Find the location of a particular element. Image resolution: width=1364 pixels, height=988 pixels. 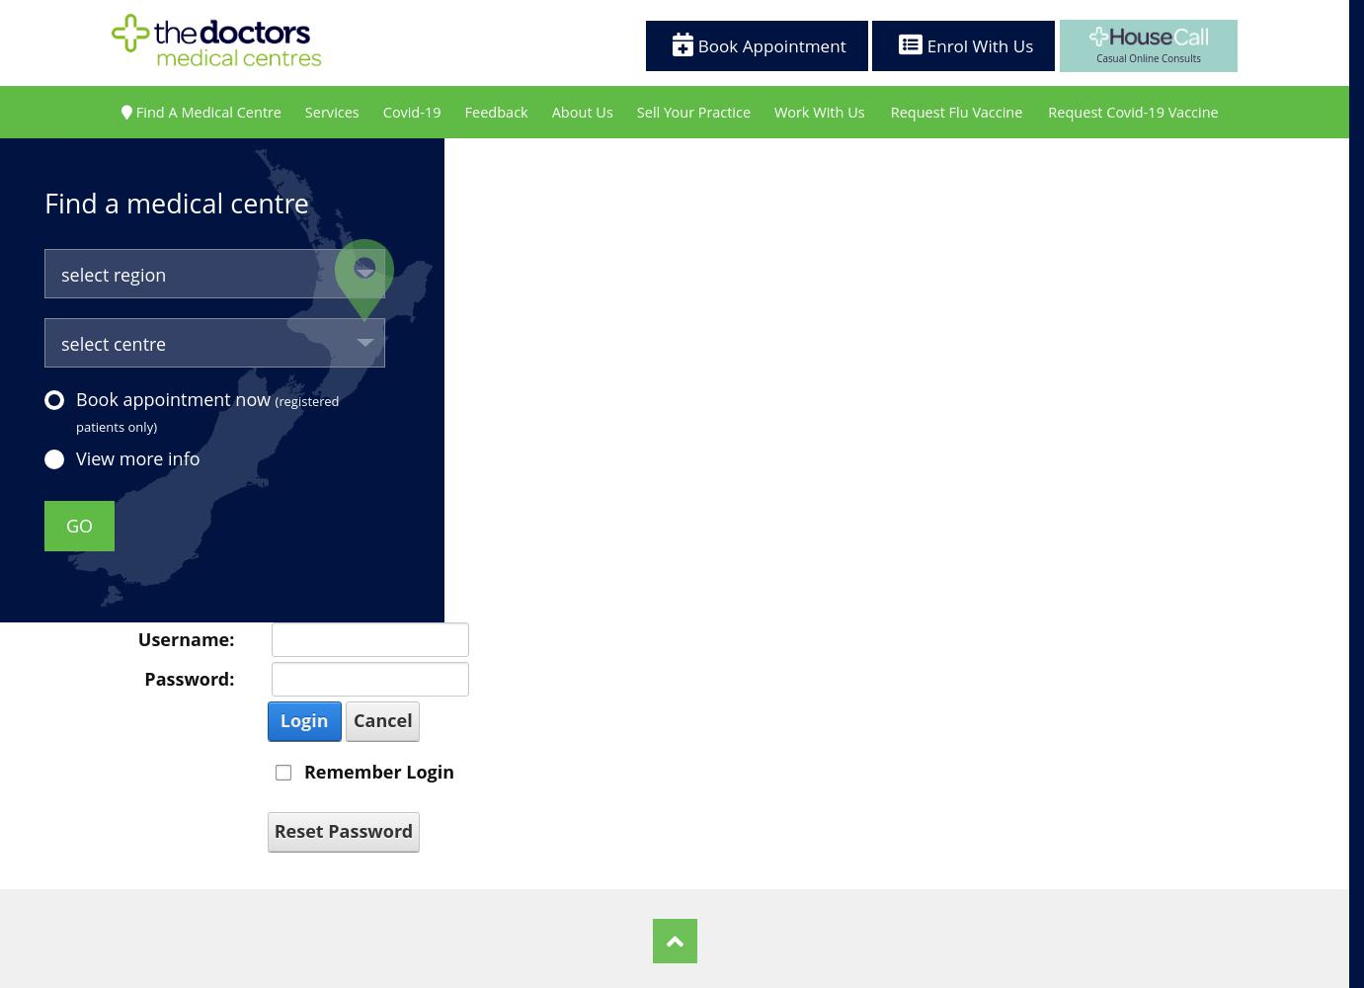

'Book Appointment' is located at coordinates (768, 44).